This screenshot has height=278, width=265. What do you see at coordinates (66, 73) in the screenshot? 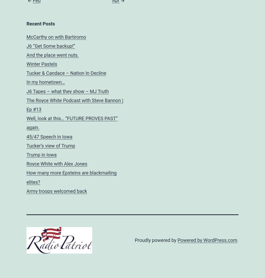
I see `'Tucker & Candace – Nation In Decline'` at bounding box center [66, 73].